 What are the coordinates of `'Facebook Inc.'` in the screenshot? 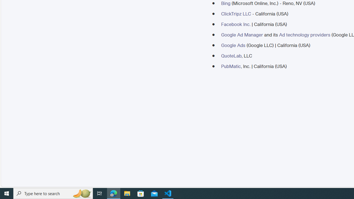 It's located at (236, 24).